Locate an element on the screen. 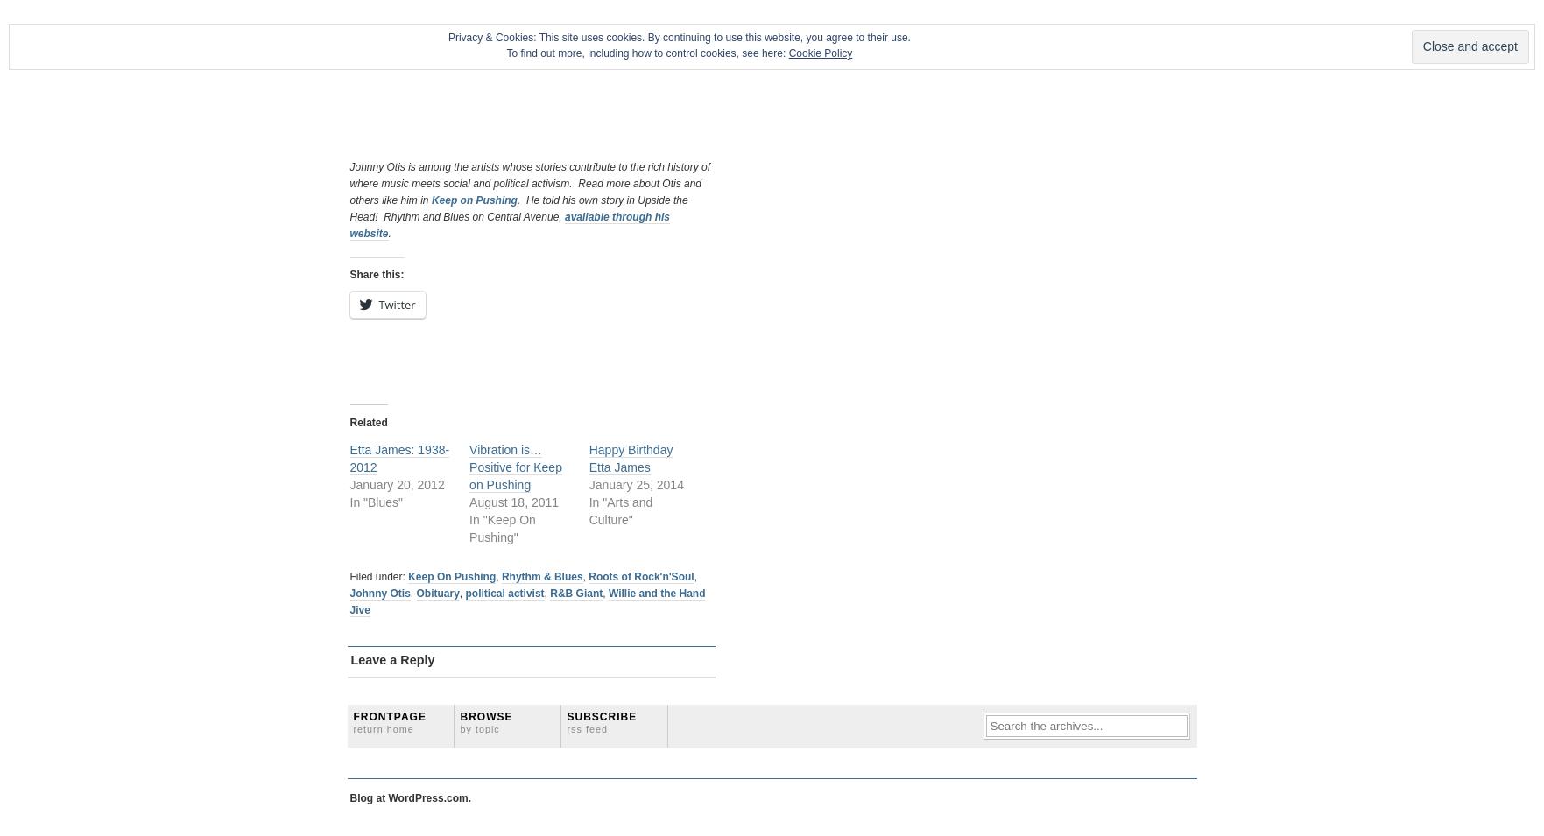 Image resolution: width=1544 pixels, height=836 pixels. 'Filed under:' is located at coordinates (378, 574).